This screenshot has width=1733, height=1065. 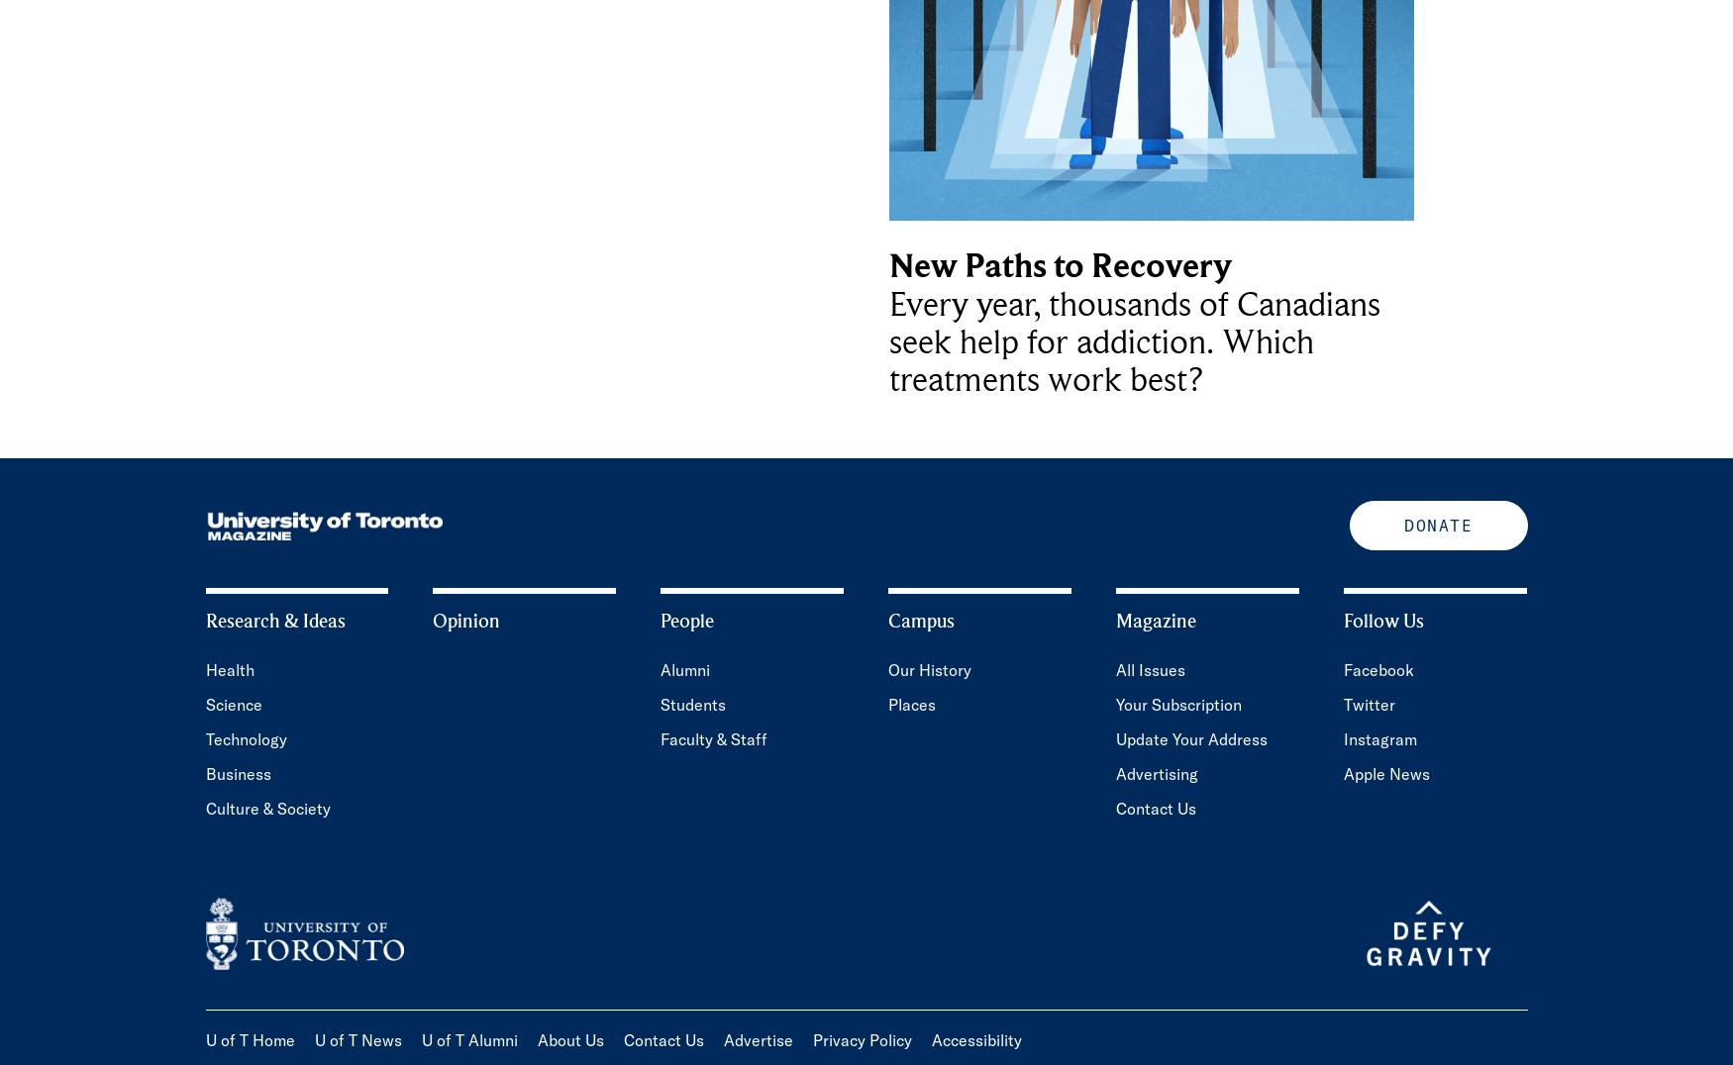 What do you see at coordinates (1343, 704) in the screenshot?
I see `'Twitter'` at bounding box center [1343, 704].